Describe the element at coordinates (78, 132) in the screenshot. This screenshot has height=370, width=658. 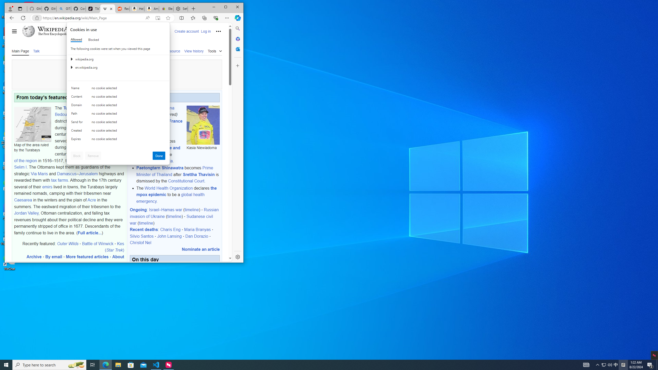
I see `'Created'` at that location.